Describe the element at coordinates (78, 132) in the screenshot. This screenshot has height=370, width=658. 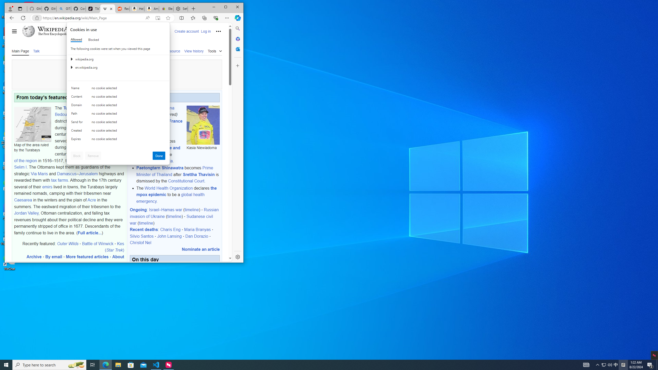
I see `'Created'` at that location.